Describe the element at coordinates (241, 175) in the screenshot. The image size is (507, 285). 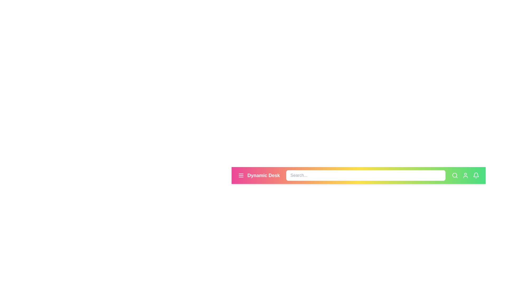
I see `the menu icon to trigger an action` at that location.